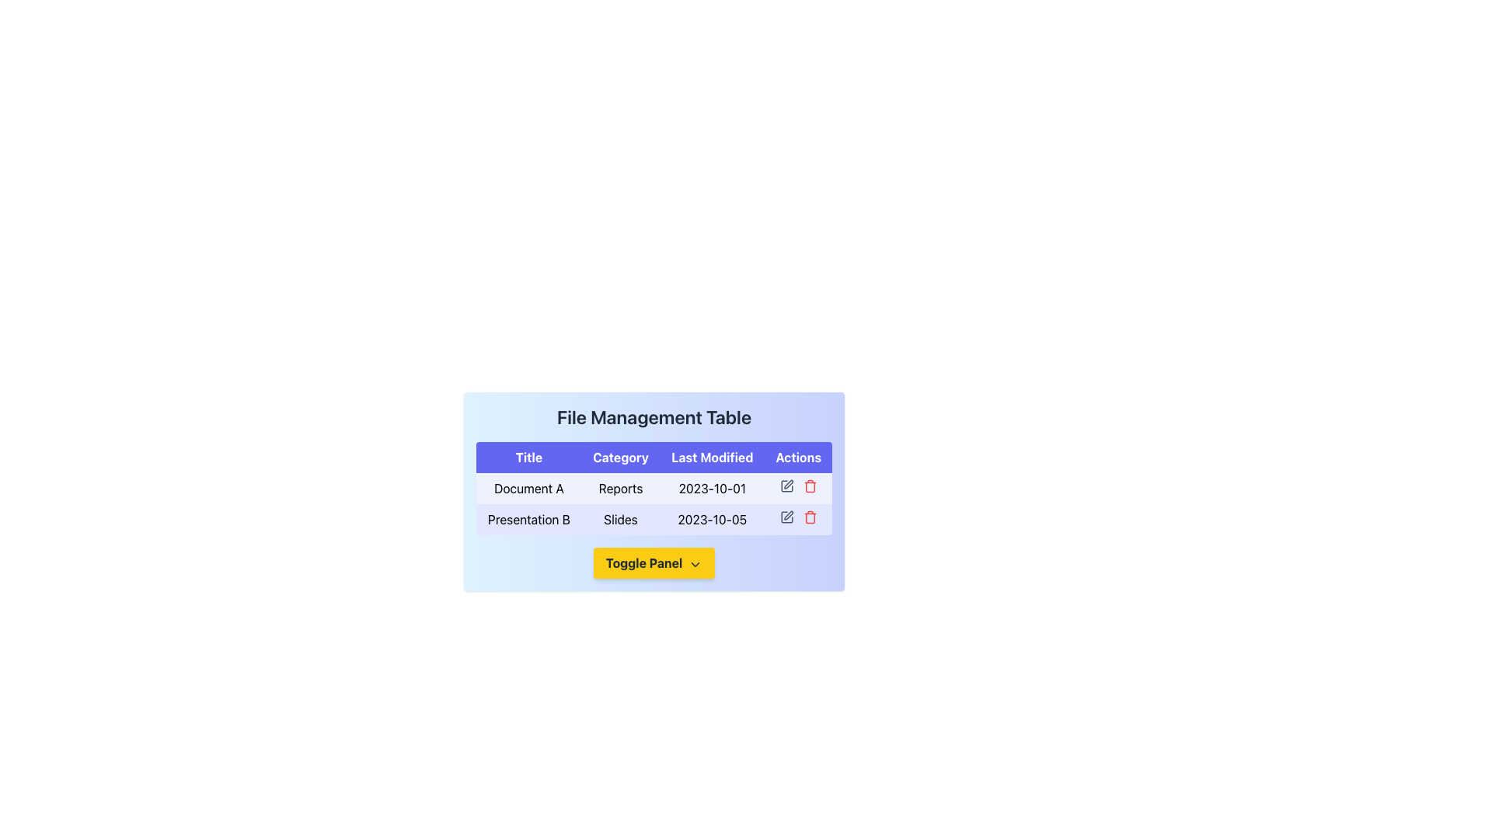 The image size is (1492, 839). Describe the element at coordinates (529, 519) in the screenshot. I see `the text label displaying 'Presentation B', which is centrally aligned within its cell in the second row of the table under the column labeled 'Title'` at that location.